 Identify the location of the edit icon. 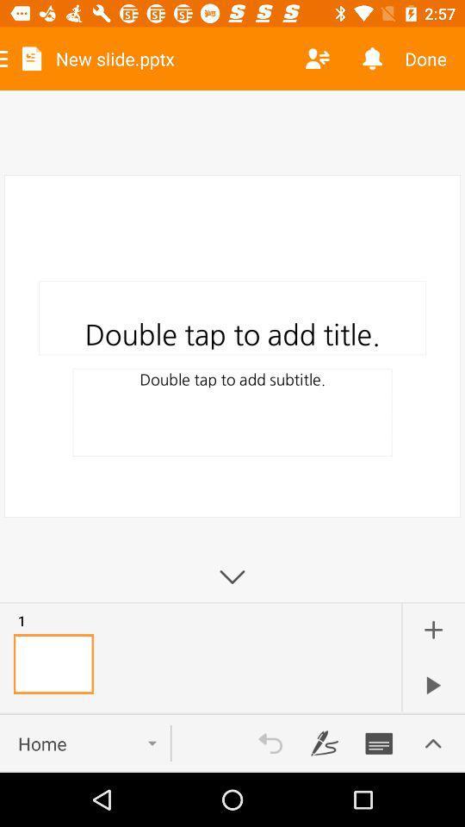
(325, 743).